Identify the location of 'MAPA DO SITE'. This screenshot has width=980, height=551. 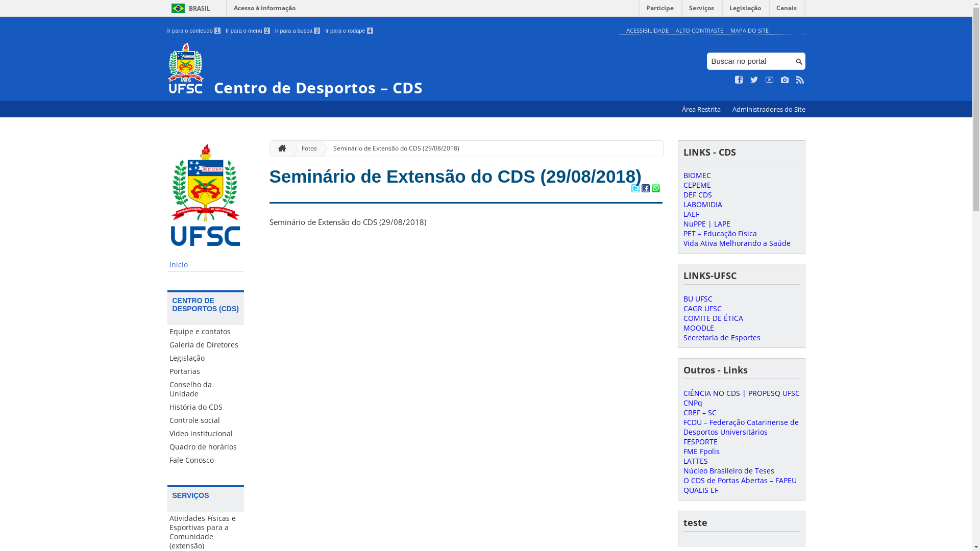
(749, 30).